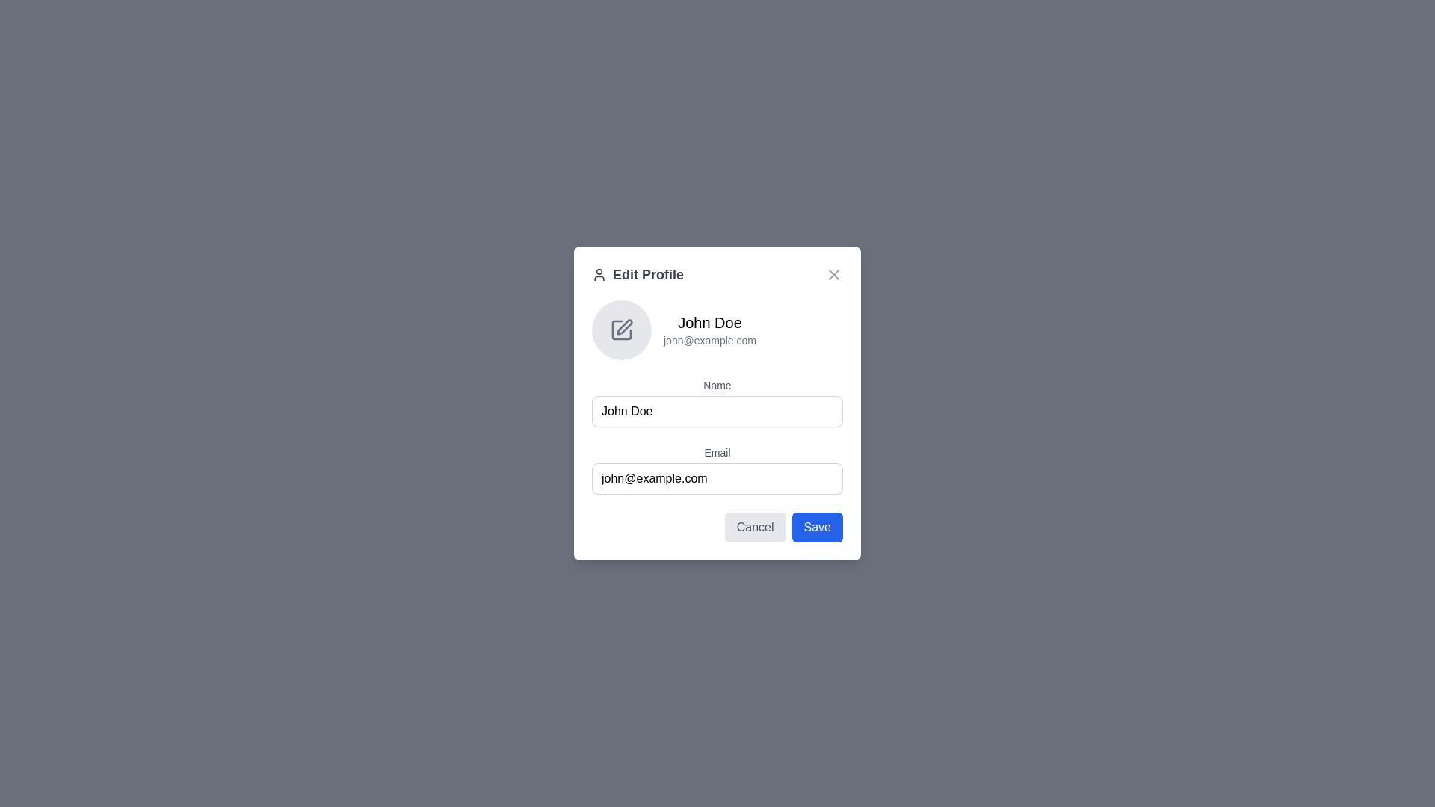  What do you see at coordinates (638, 274) in the screenshot?
I see `the 'Edit Profile' static label with icon, which is styled in bold, larger-sized dark gray font and located at the top center of the modal dialog under the close button` at bounding box center [638, 274].